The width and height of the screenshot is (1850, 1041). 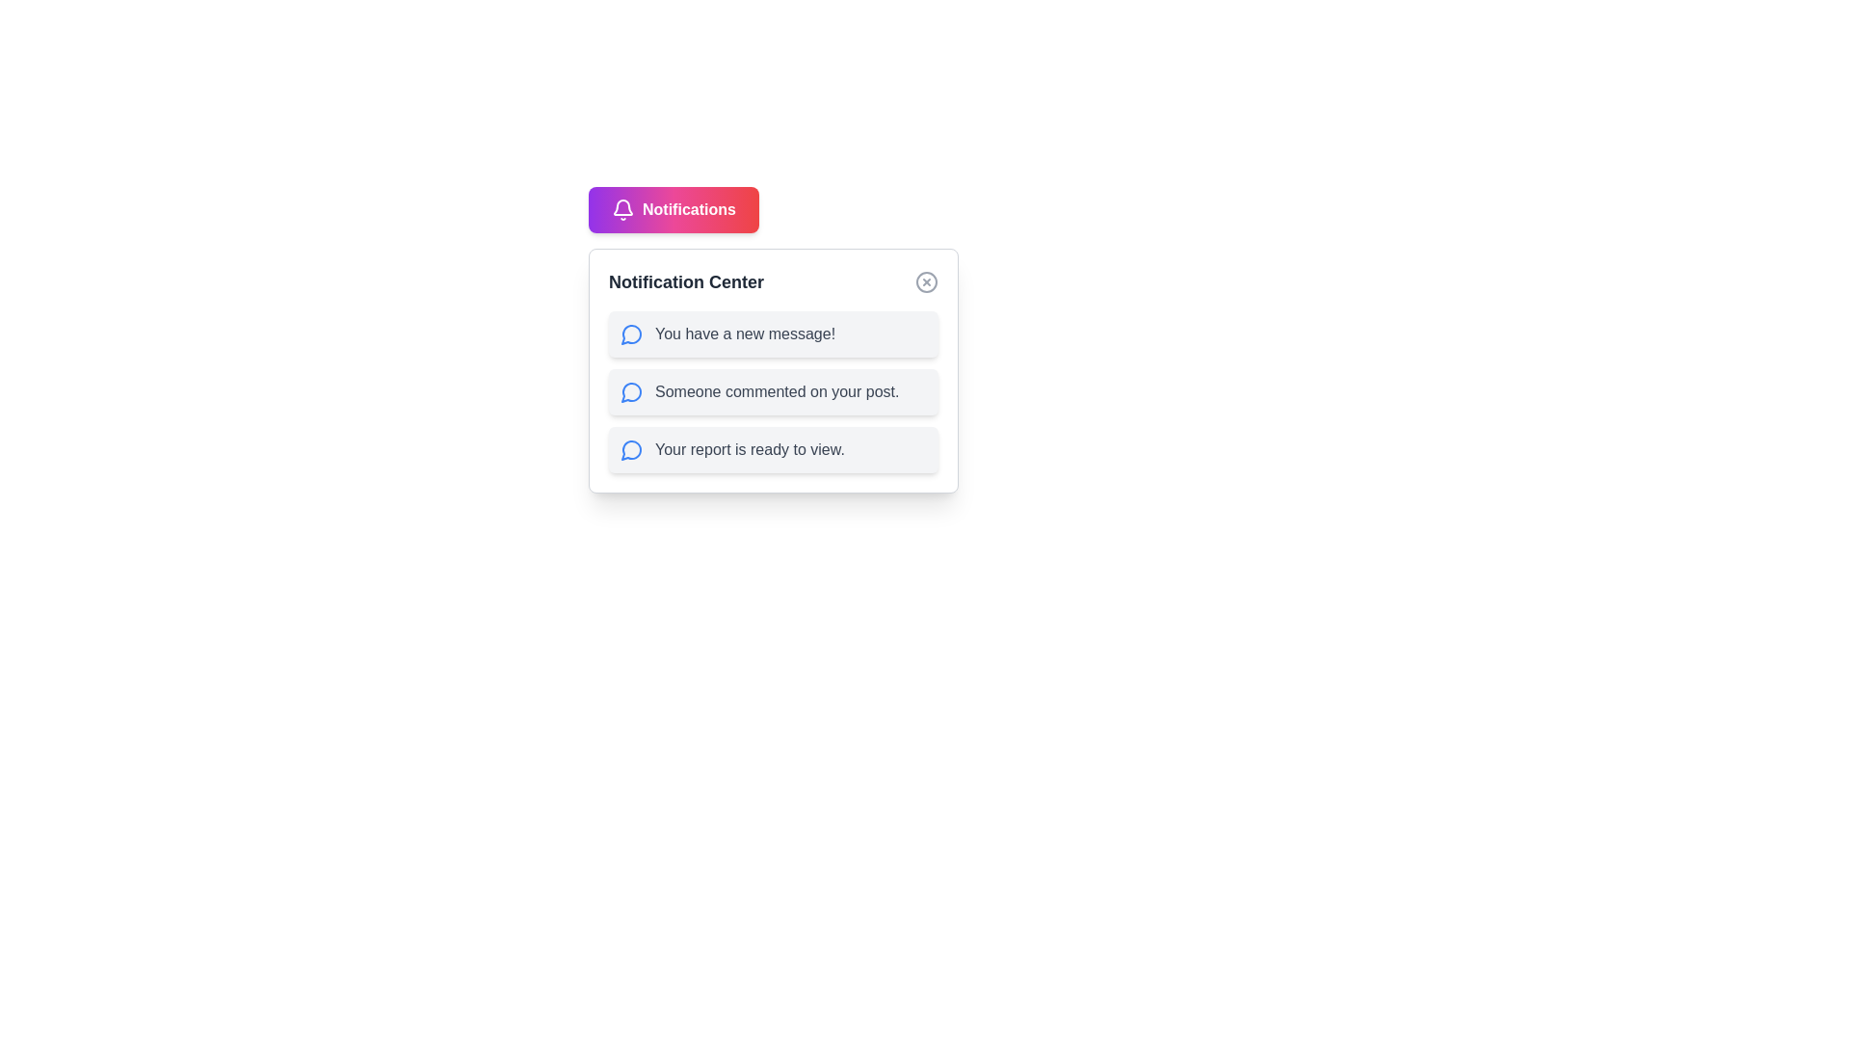 What do you see at coordinates (630, 334) in the screenshot?
I see `the first notification icon indicating a new message located to the left of the text 'You have a new message!'` at bounding box center [630, 334].